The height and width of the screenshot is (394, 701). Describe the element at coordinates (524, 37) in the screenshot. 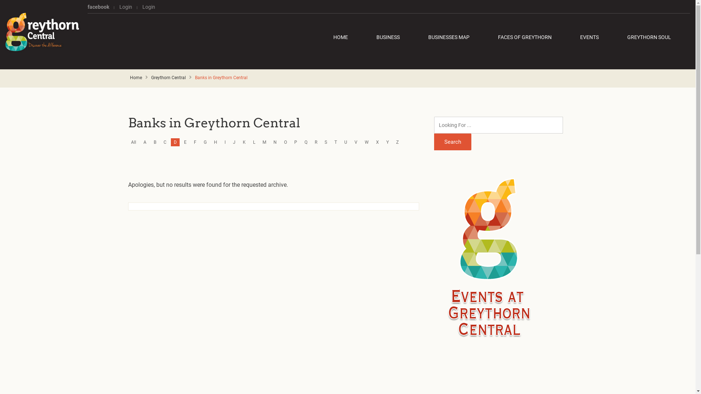

I see `'FACES OF GREYTHORN'` at that location.